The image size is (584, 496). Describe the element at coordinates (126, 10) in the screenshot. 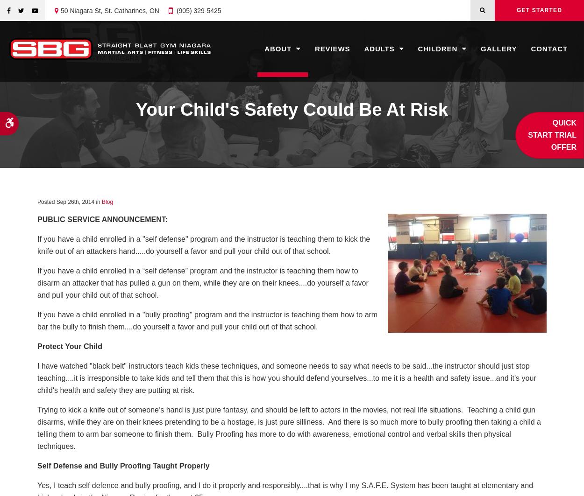

I see `'St. Catharines,'` at that location.